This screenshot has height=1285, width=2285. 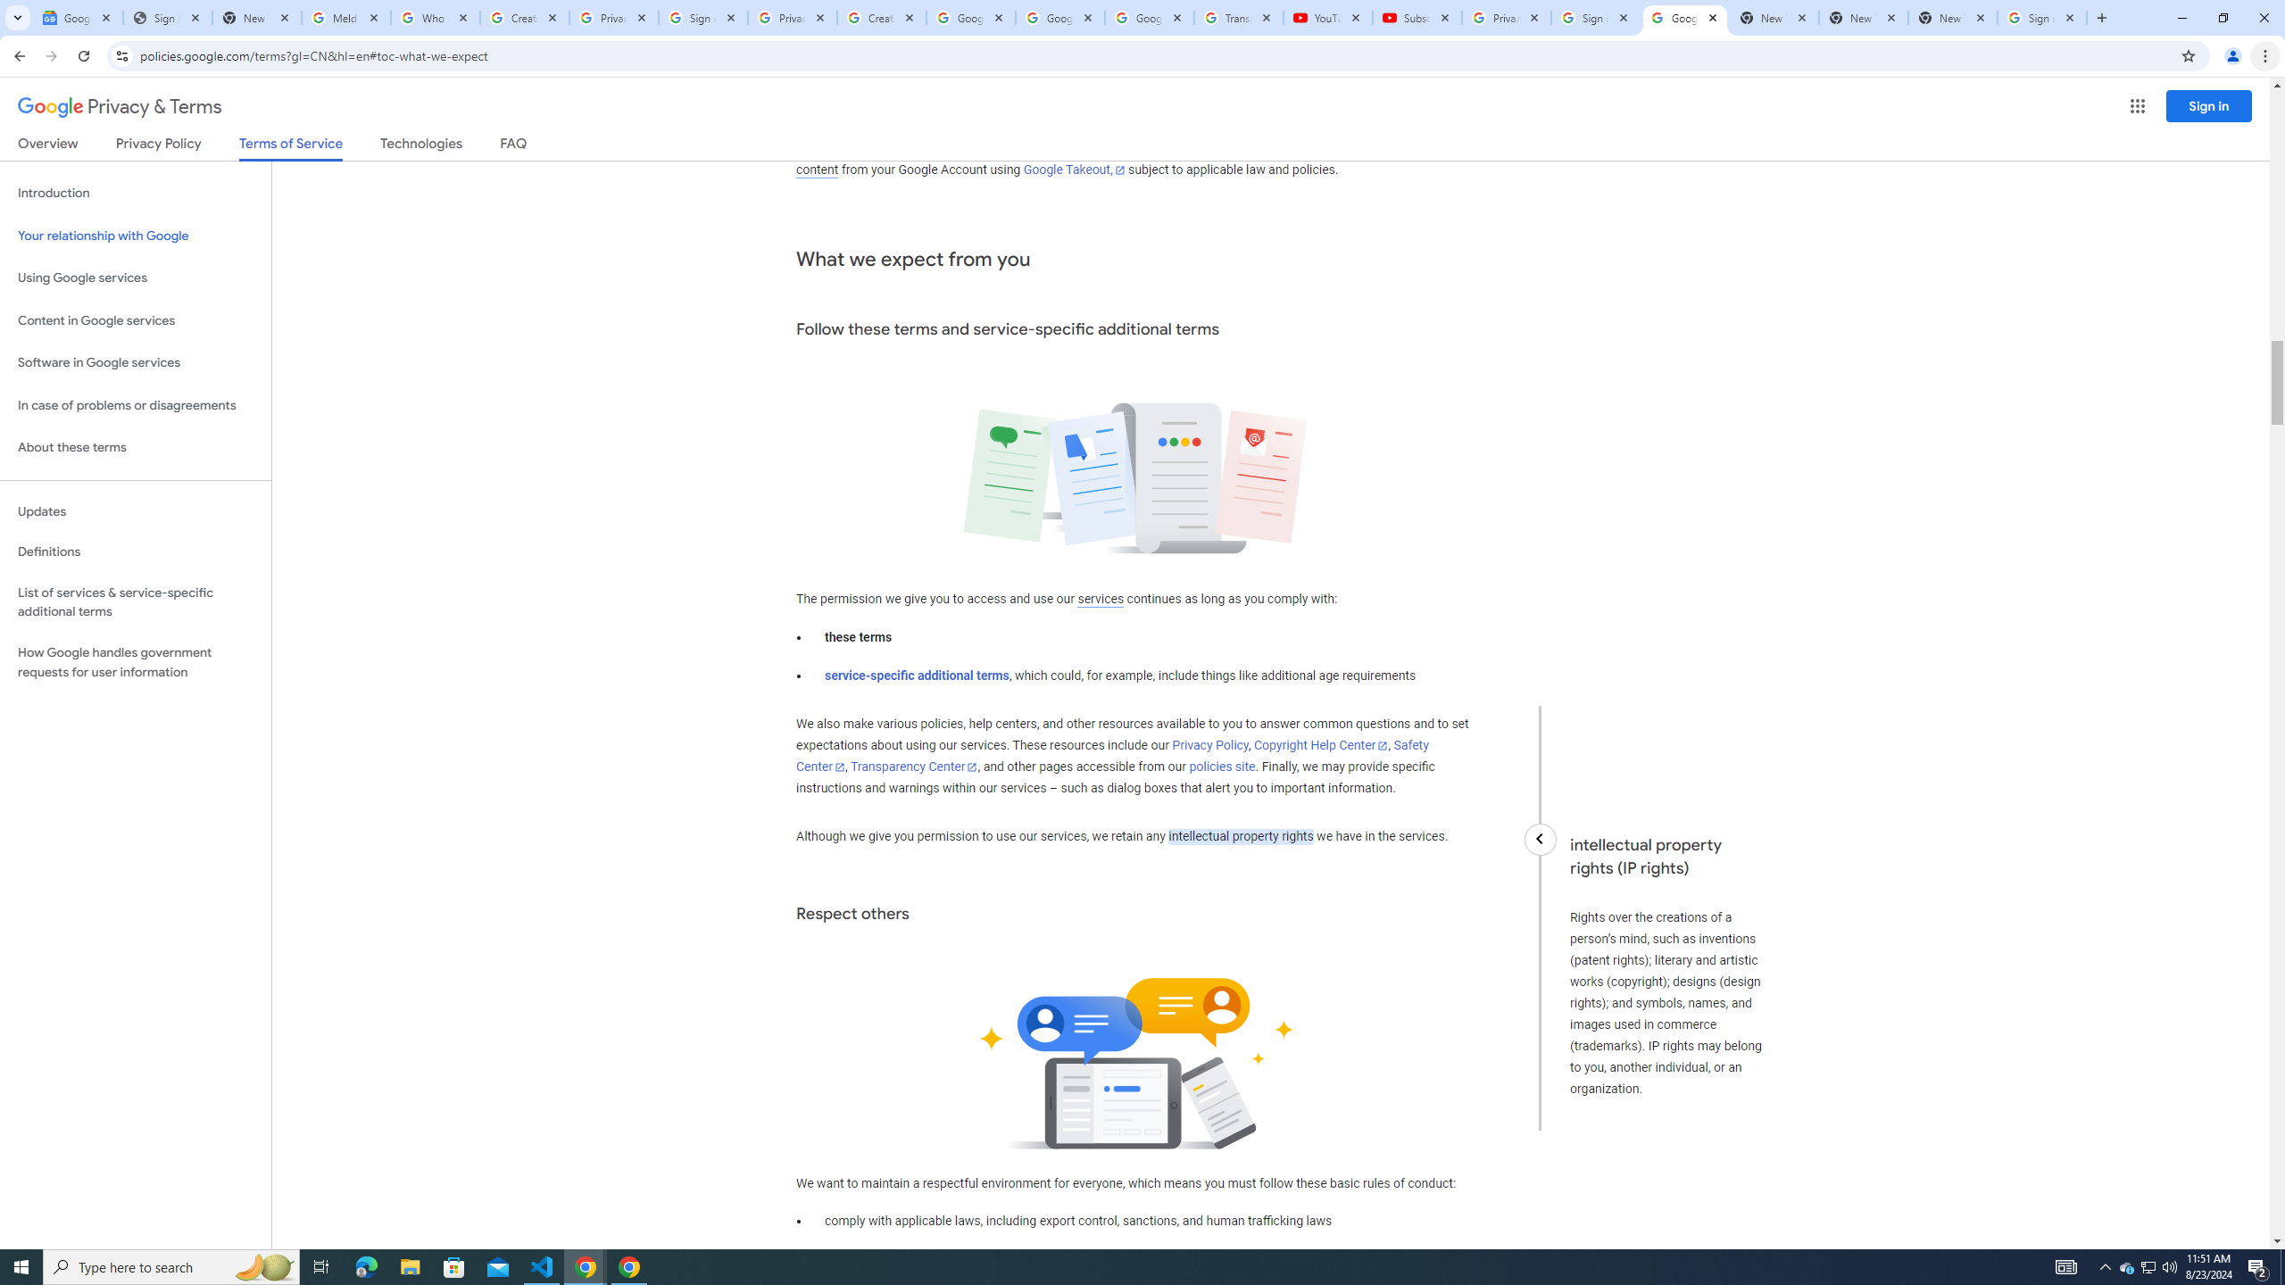 What do you see at coordinates (135, 361) in the screenshot?
I see `'Software in Google services'` at bounding box center [135, 361].